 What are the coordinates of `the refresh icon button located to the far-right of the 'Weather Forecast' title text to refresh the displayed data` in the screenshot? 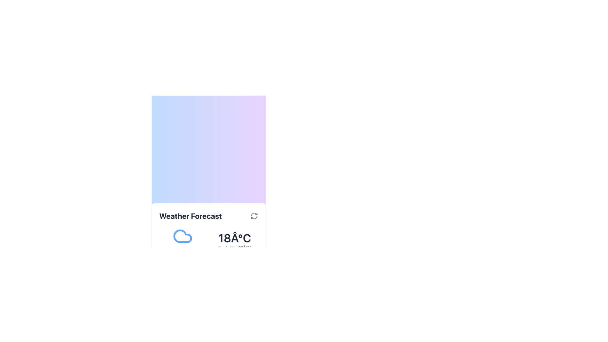 It's located at (254, 216).